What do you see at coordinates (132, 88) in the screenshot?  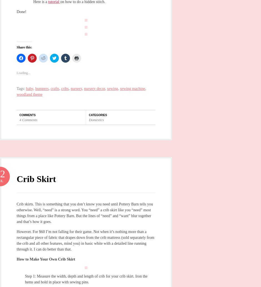 I see `'sewing machine'` at bounding box center [132, 88].